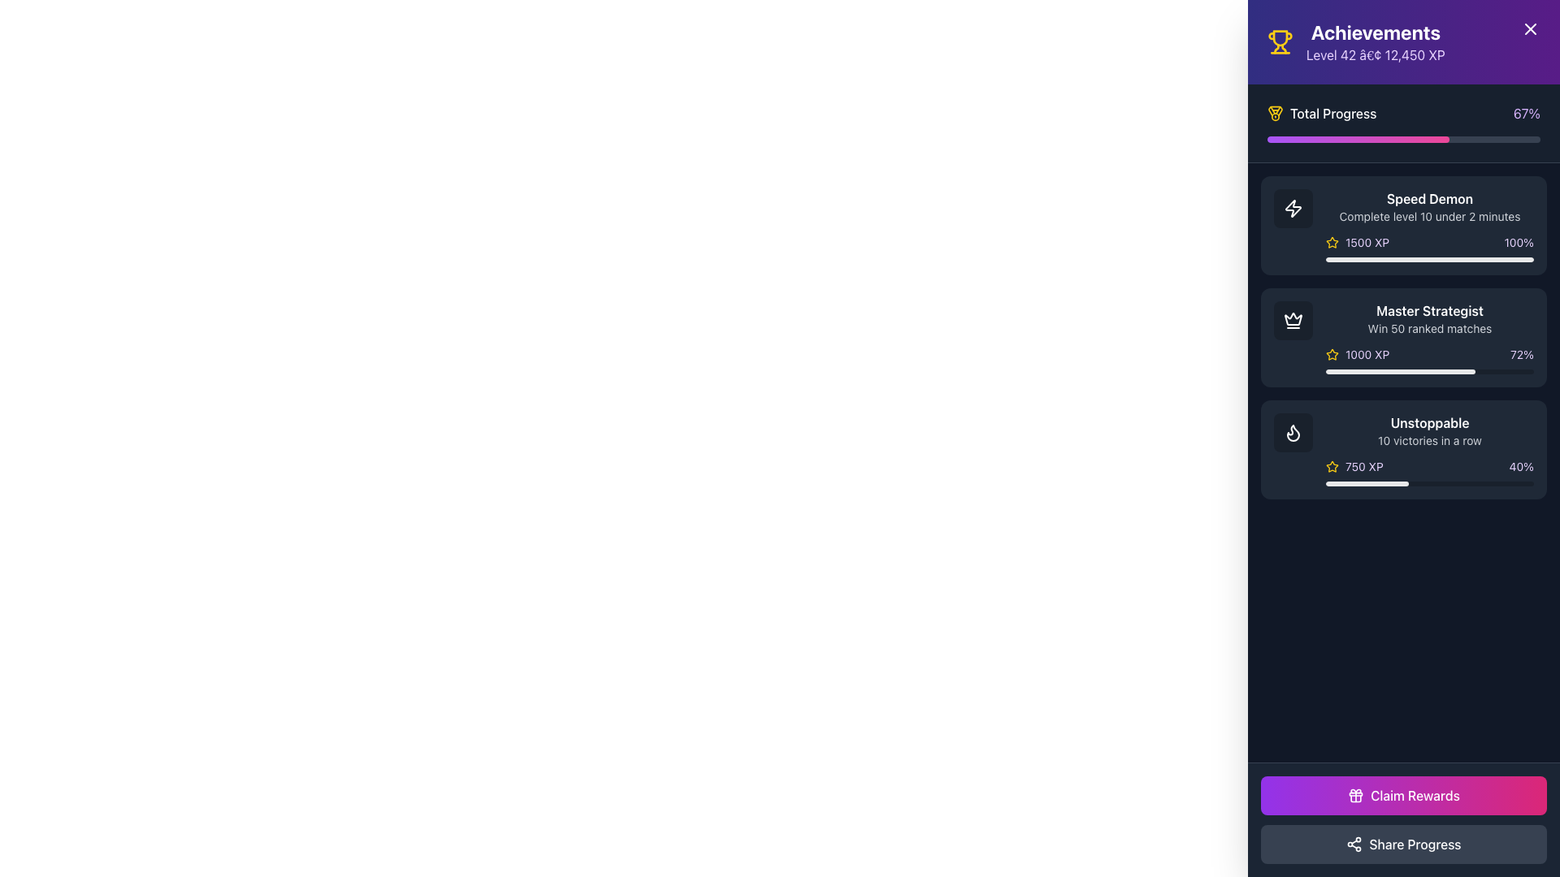 This screenshot has height=877, width=1560. Describe the element at coordinates (1430, 353) in the screenshot. I see `displayed information for the 'Master Strategist' achievement located in the second card of the achievements list, positioned below the title and description, above the progress bar` at that location.